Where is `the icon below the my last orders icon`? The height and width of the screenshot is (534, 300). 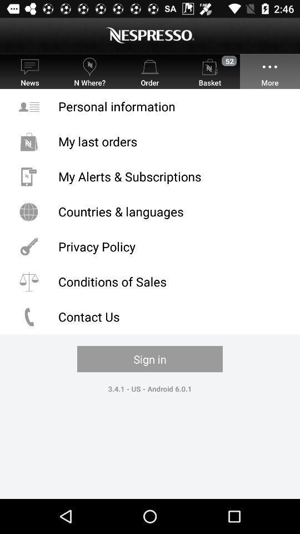
the icon below the my last orders icon is located at coordinates (150, 176).